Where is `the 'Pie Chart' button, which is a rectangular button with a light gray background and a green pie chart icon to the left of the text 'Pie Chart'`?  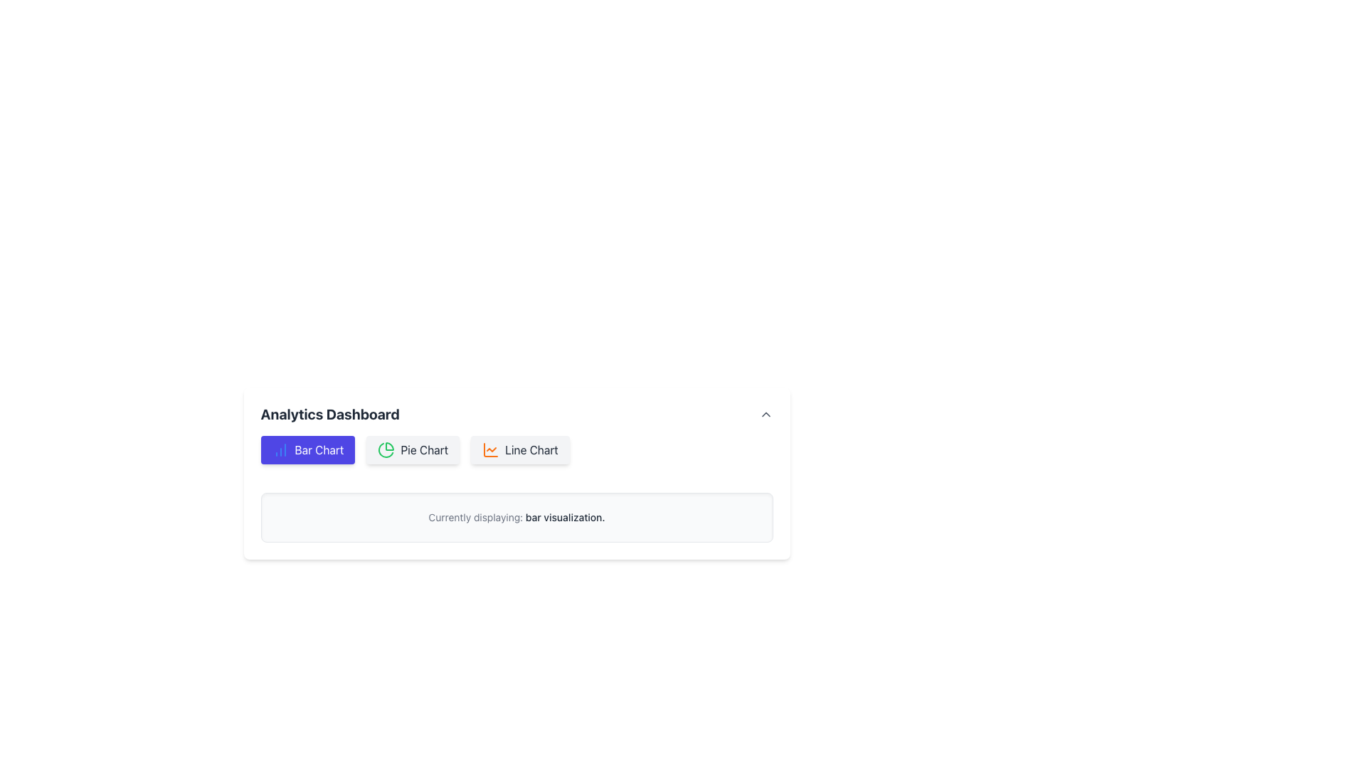 the 'Pie Chart' button, which is a rectangular button with a light gray background and a green pie chart icon to the left of the text 'Pie Chart' is located at coordinates (412, 449).